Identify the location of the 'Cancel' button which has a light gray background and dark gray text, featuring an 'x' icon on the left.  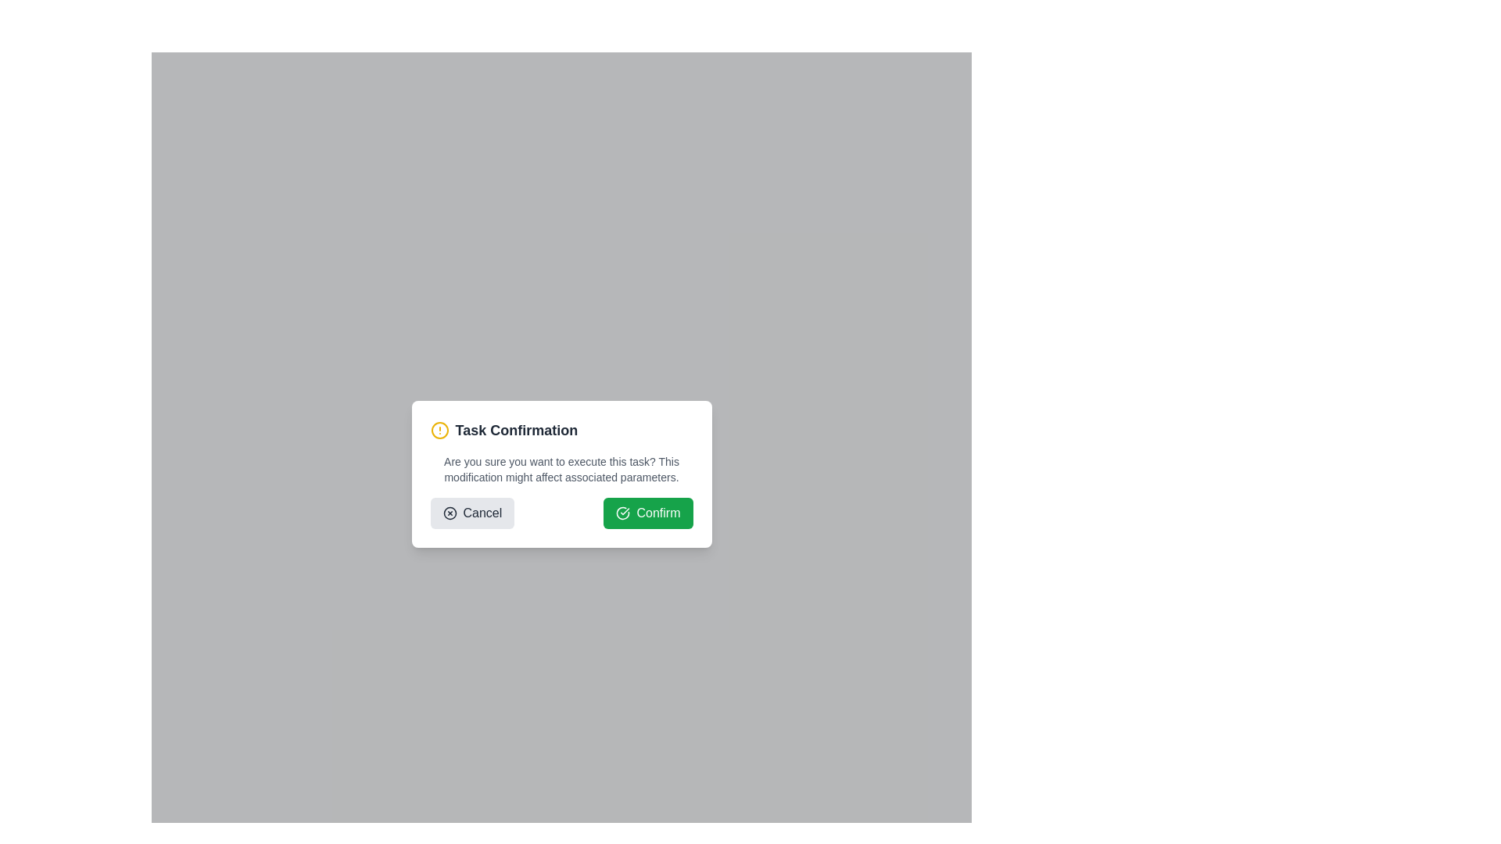
(471, 513).